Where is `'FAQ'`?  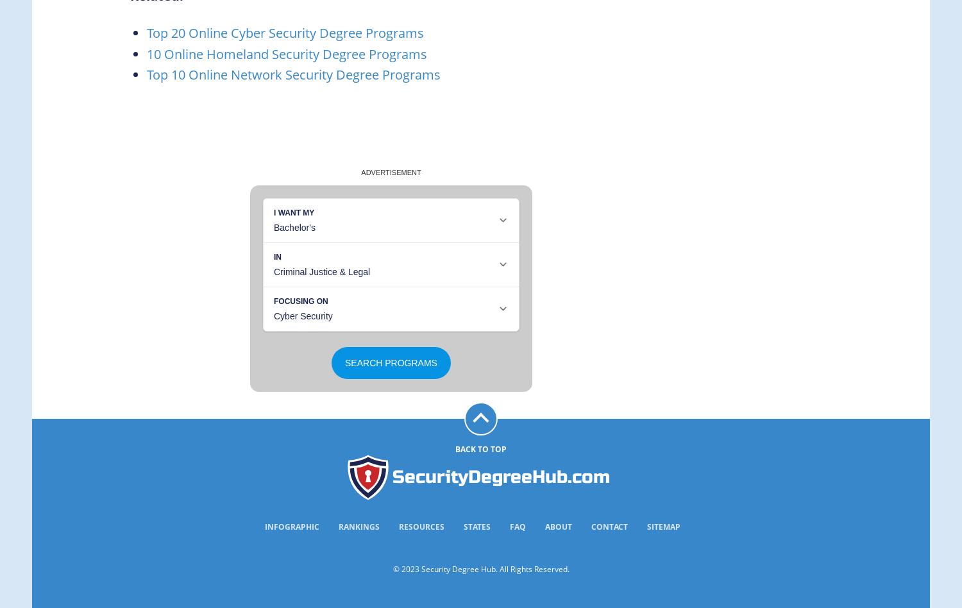 'FAQ' is located at coordinates (518, 526).